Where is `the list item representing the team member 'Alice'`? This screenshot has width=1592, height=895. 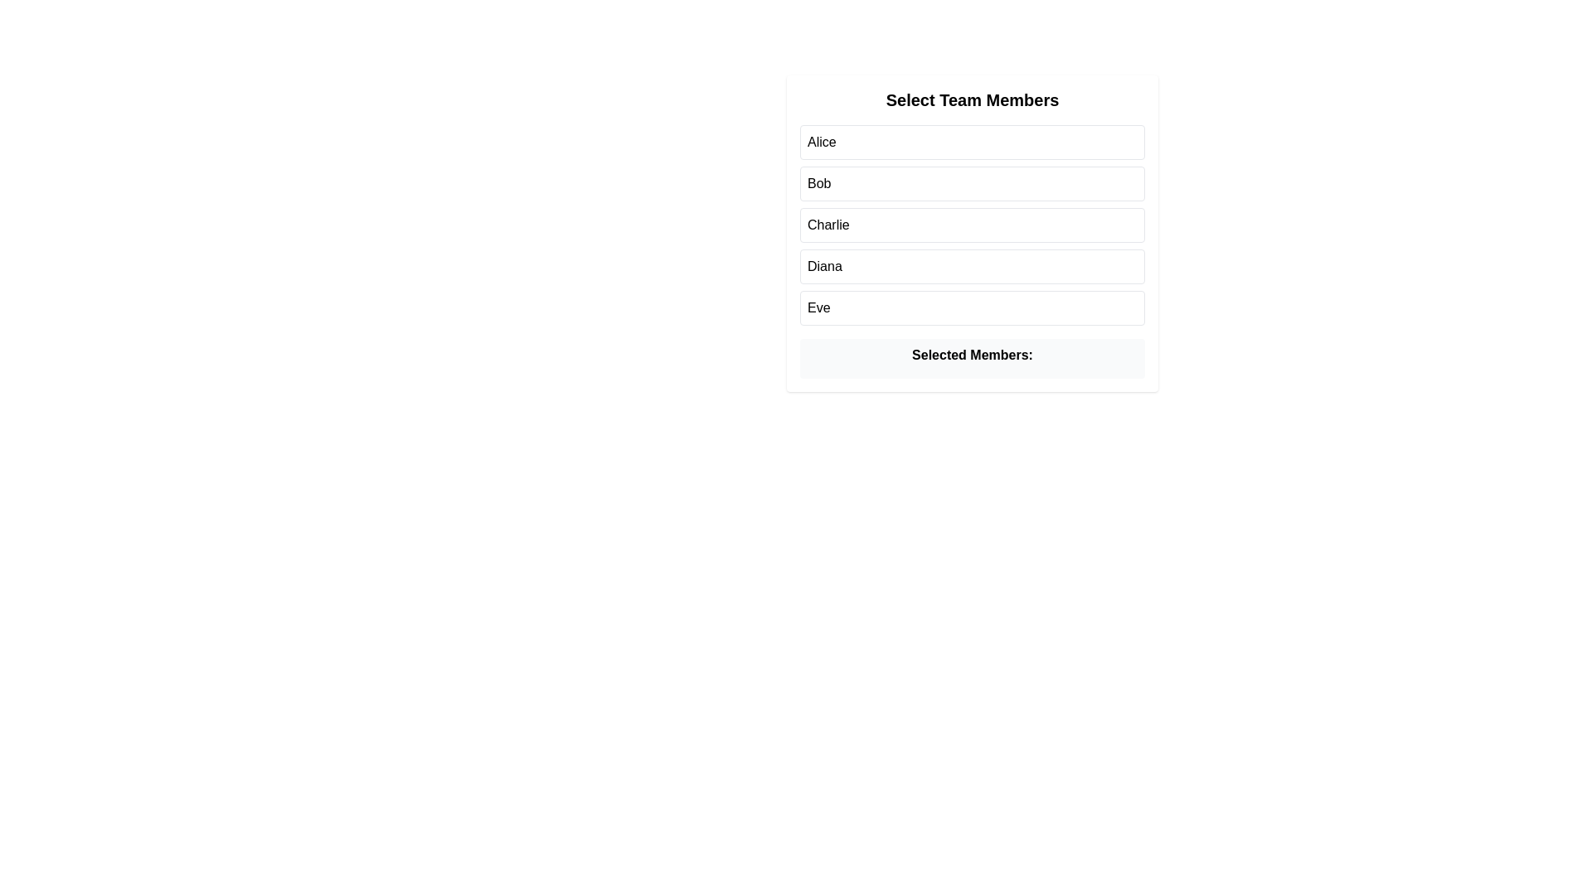
the list item representing the team member 'Alice' is located at coordinates (972, 142).